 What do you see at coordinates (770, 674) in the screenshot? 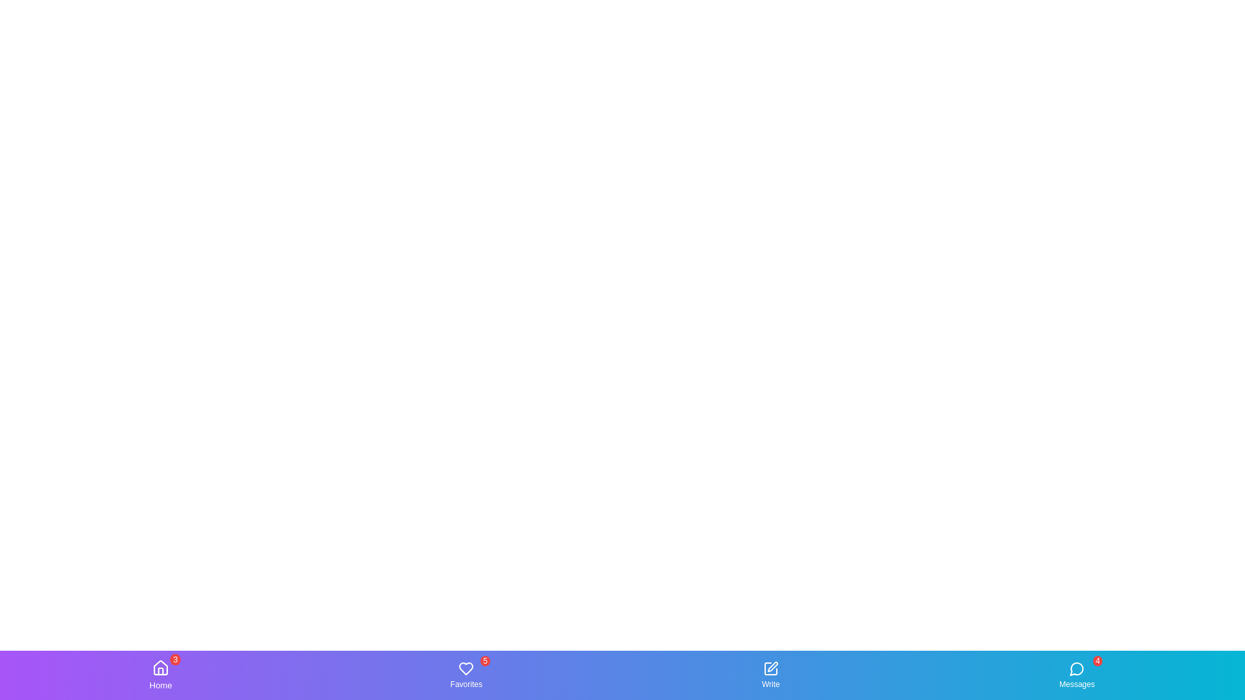
I see `the tab labeled Write` at bounding box center [770, 674].